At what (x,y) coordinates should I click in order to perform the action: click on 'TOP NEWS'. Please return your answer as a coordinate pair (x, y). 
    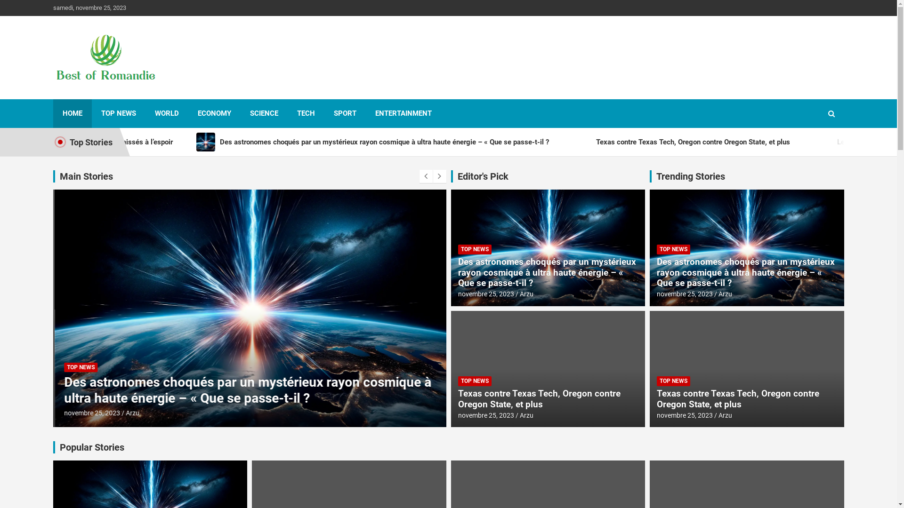
    Looking at the image, I should click on (474, 381).